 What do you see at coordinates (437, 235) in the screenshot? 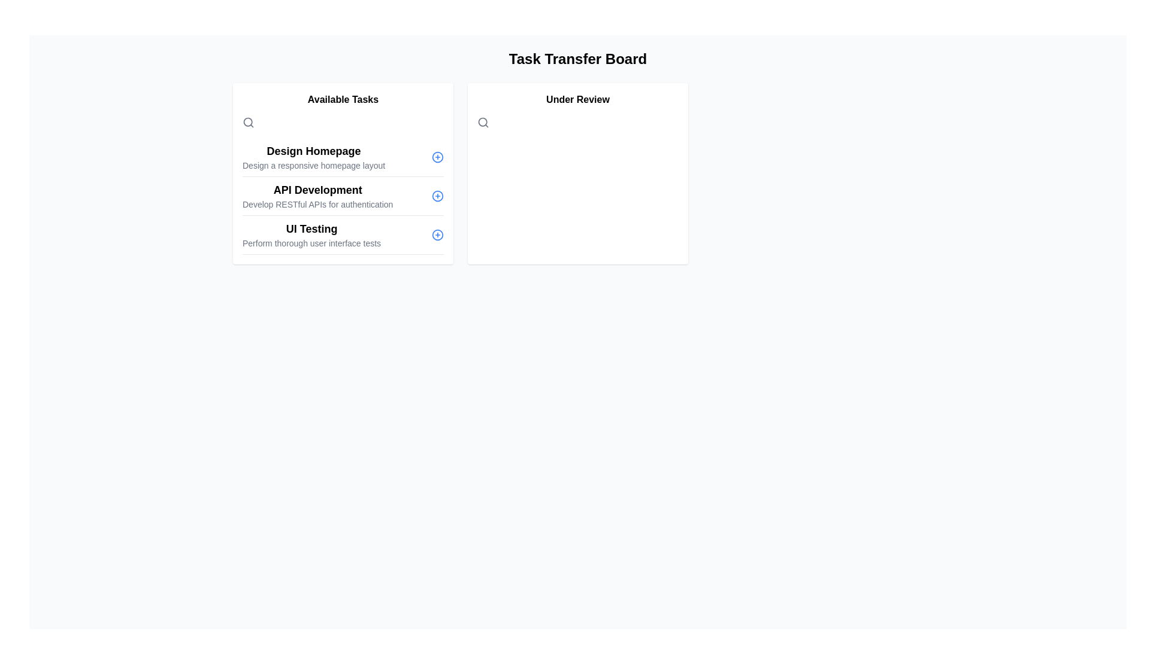
I see `the blue circular icon with a plus symbol, which is the rightmost element of the 'UI Testing' task item in the 'Available Tasks' column, to observe its visual feedback` at bounding box center [437, 235].